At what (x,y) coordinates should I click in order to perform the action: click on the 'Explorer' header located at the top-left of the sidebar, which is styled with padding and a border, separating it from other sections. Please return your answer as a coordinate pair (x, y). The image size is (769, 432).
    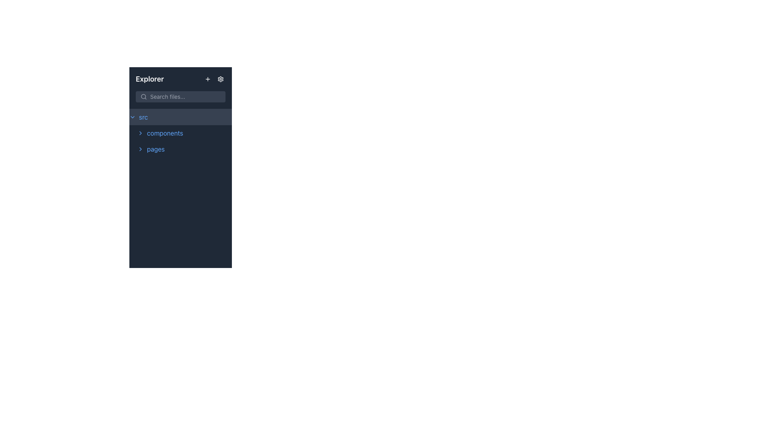
    Looking at the image, I should click on (180, 88).